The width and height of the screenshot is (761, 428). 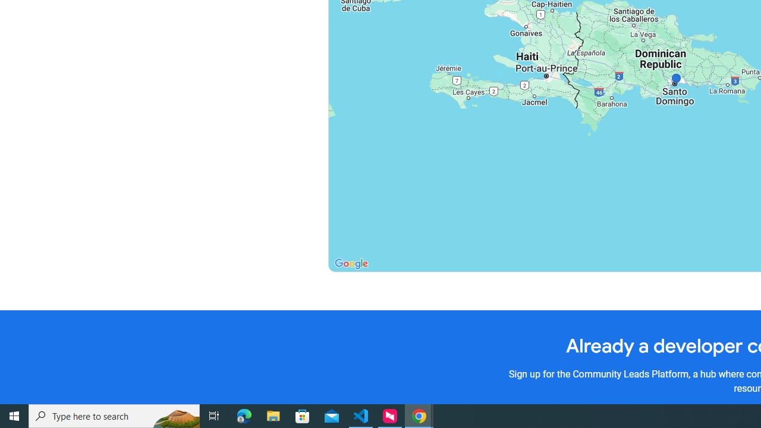 What do you see at coordinates (350, 263) in the screenshot?
I see `'Google'` at bounding box center [350, 263].